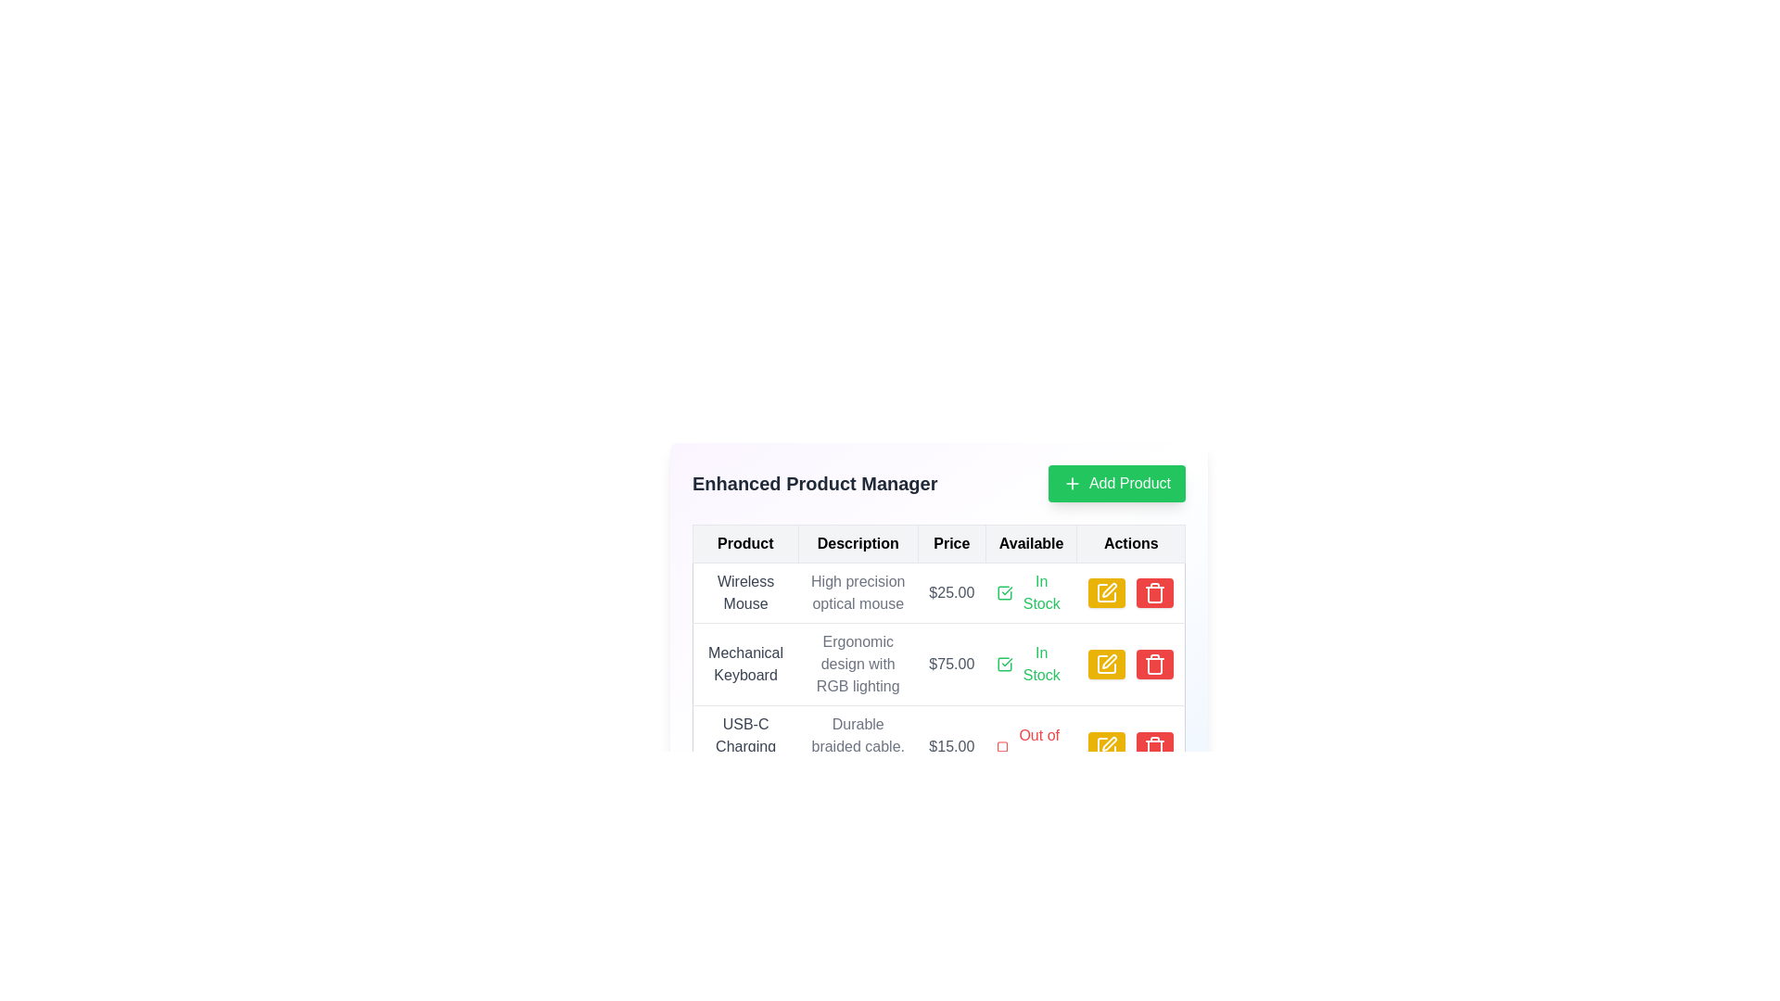  I want to click on the edit button located in the 'Actions' column of the first row in the data table, so click(1107, 593).